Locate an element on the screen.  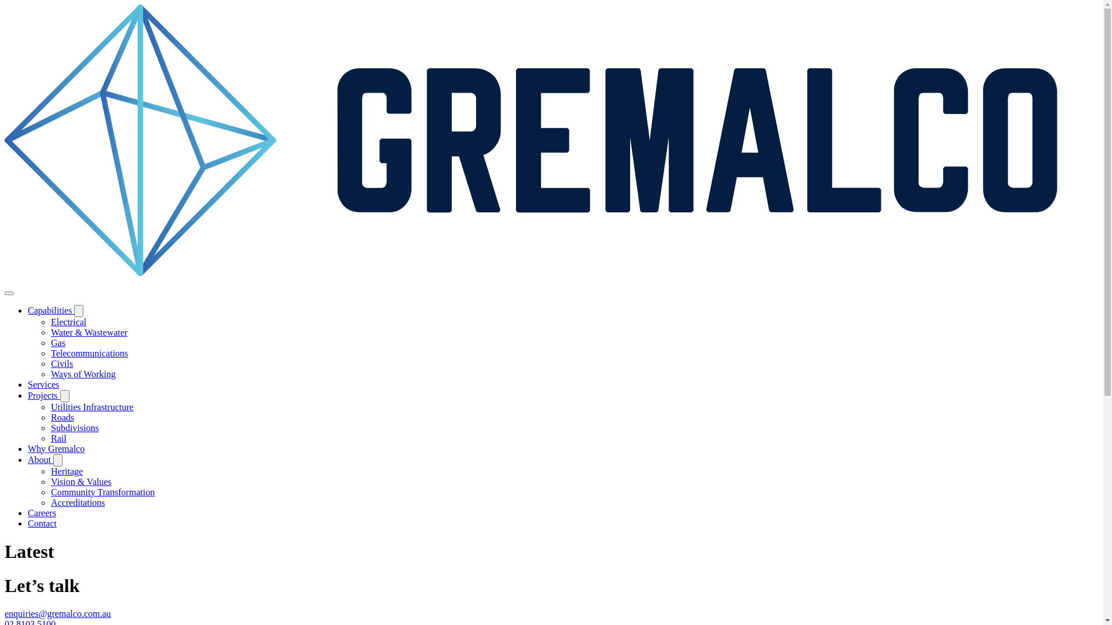
'Why Gremalco' is located at coordinates (55, 448).